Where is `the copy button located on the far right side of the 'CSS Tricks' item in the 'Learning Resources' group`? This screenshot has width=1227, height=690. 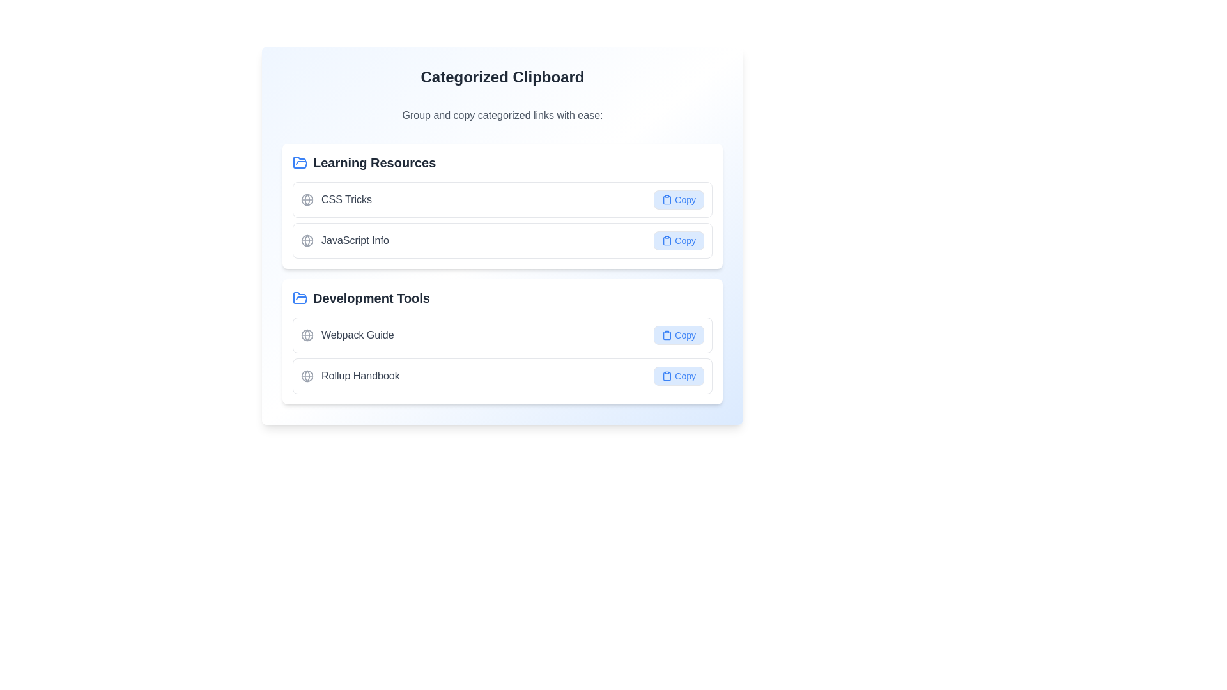
the copy button located on the far right side of the 'CSS Tricks' item in the 'Learning Resources' group is located at coordinates (678, 199).